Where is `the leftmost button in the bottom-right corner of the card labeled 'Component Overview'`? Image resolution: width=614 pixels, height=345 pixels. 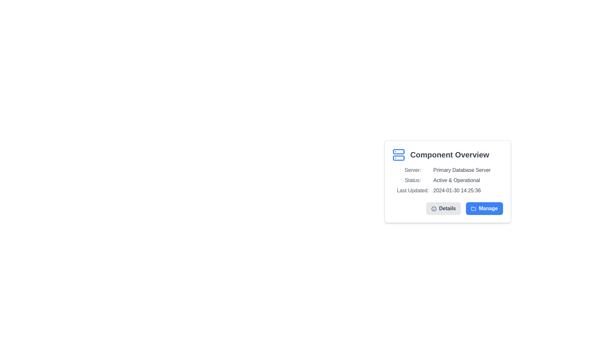
the leftmost button in the bottom-right corner of the card labeled 'Component Overview' is located at coordinates (443, 208).